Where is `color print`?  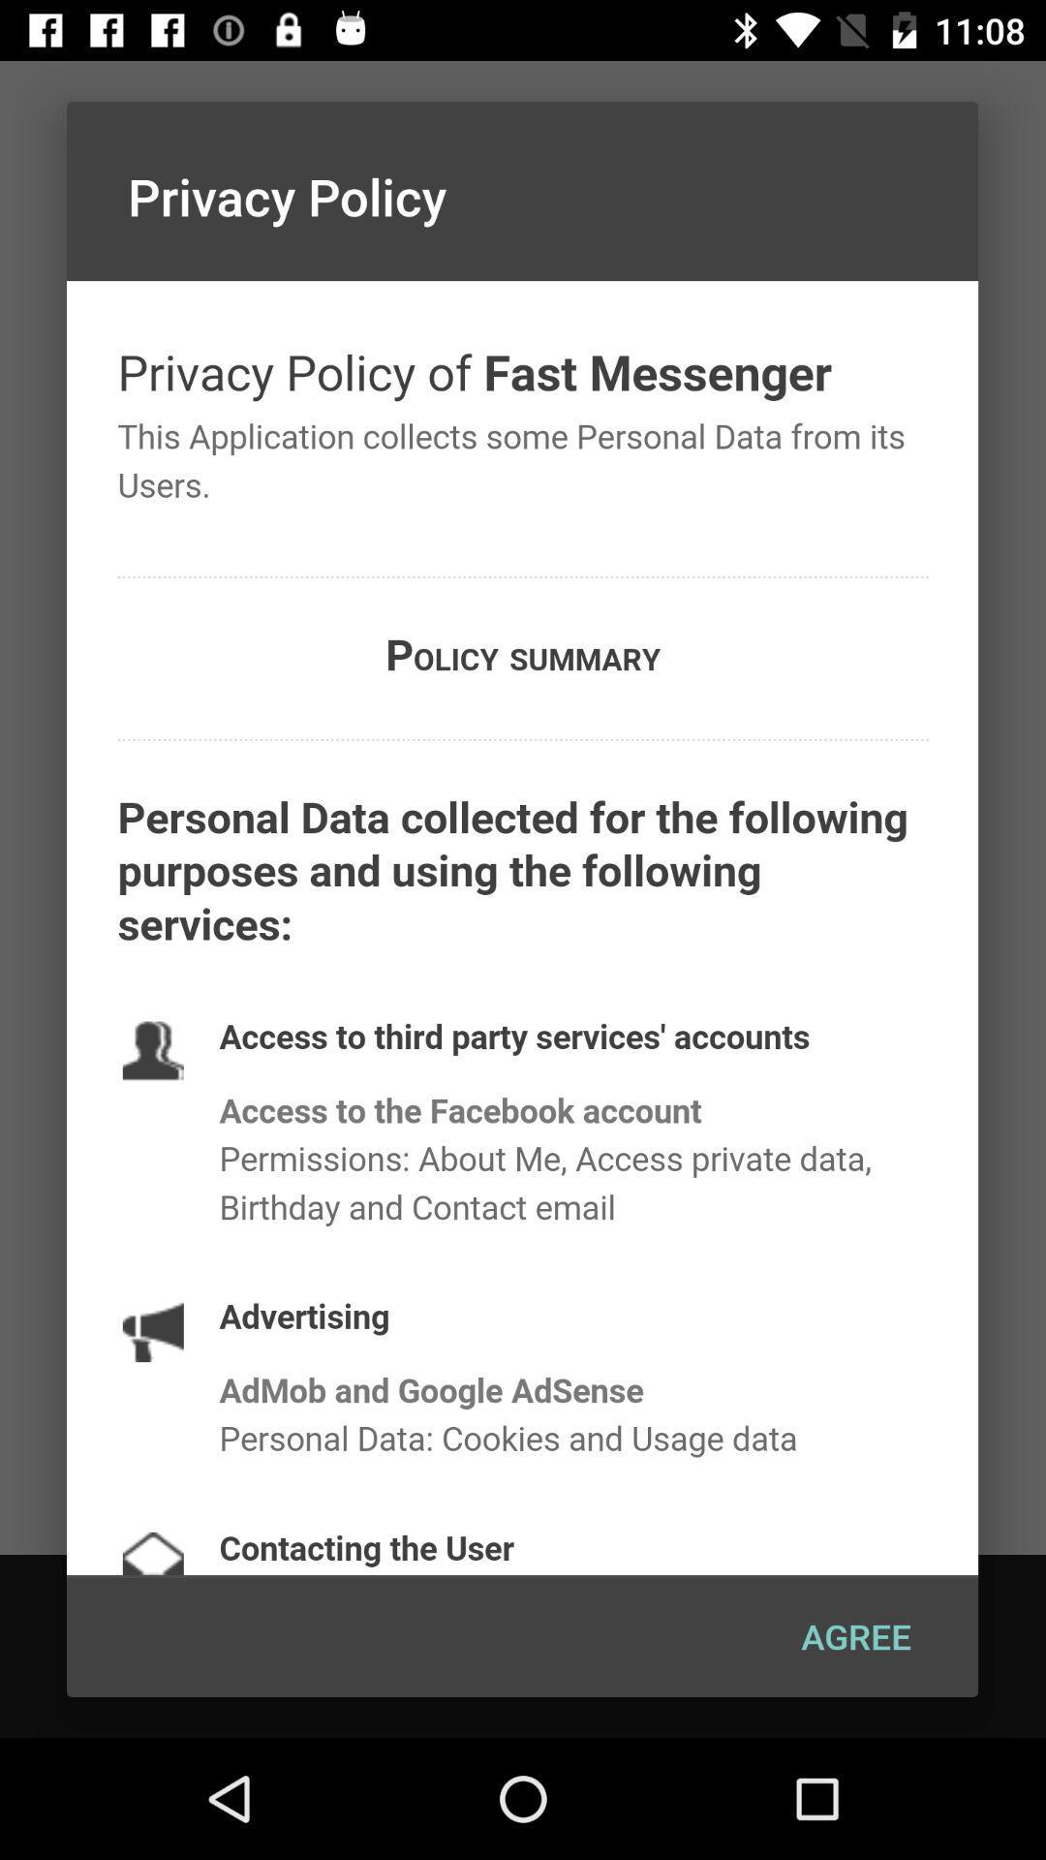 color print is located at coordinates (521, 927).